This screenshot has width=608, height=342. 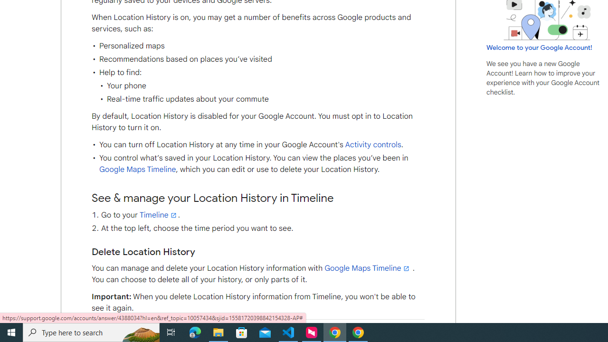 What do you see at coordinates (159, 215) in the screenshot?
I see `'Timeline'` at bounding box center [159, 215].